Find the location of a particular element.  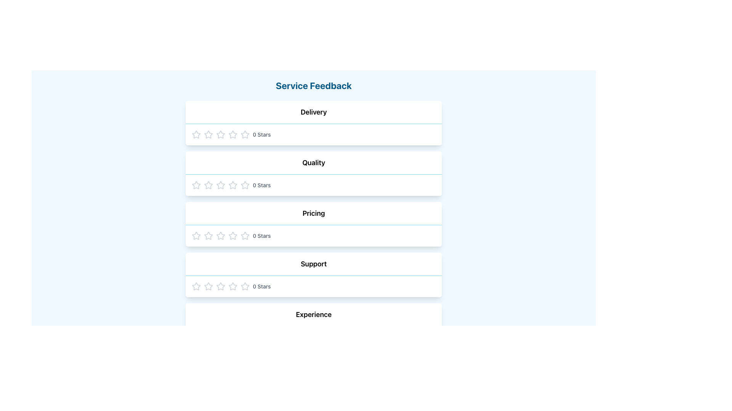

the first star in the five-star rating system under the 'Support' section to rate it is located at coordinates (209, 286).